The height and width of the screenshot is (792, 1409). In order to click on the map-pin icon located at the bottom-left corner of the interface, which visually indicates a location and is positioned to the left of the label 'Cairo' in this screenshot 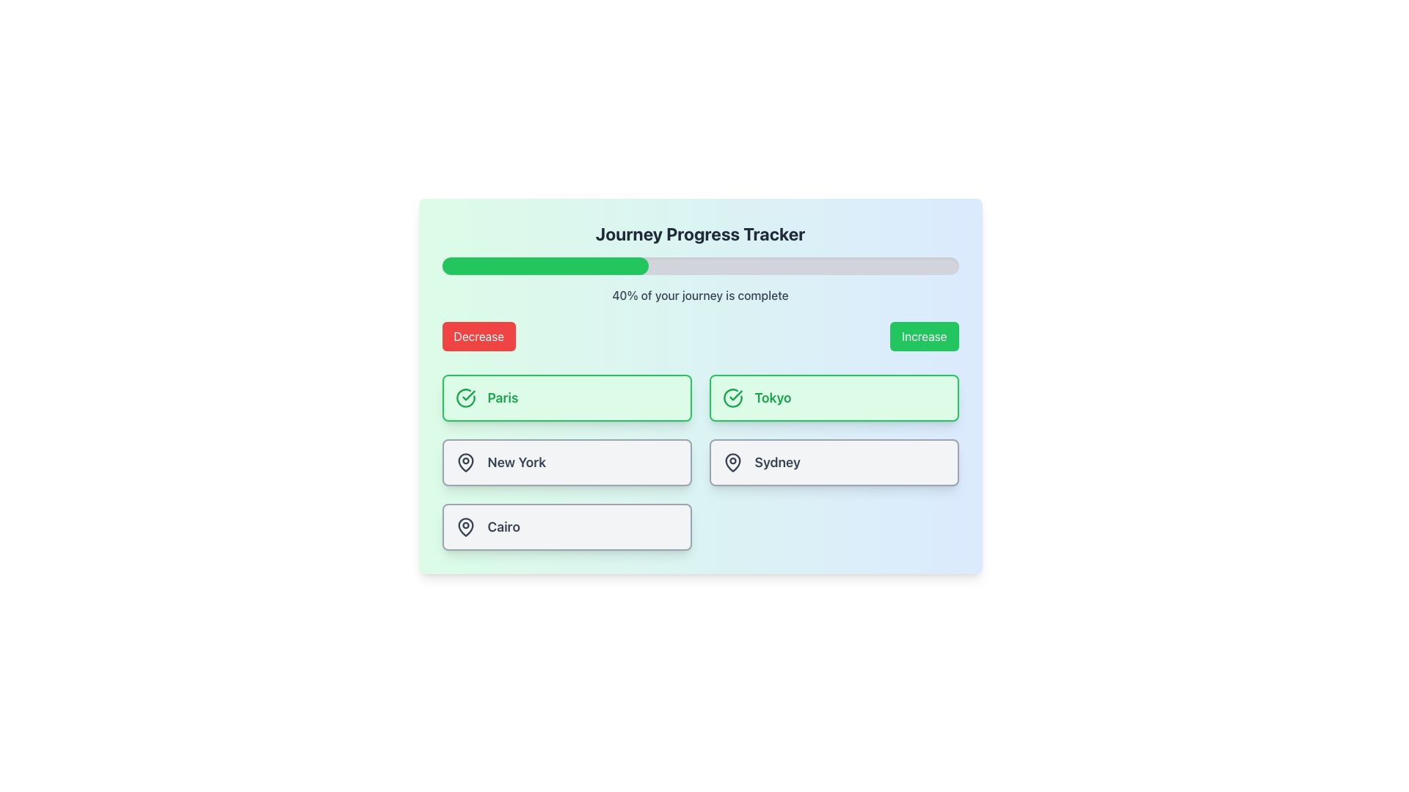, I will do `click(465, 526)`.